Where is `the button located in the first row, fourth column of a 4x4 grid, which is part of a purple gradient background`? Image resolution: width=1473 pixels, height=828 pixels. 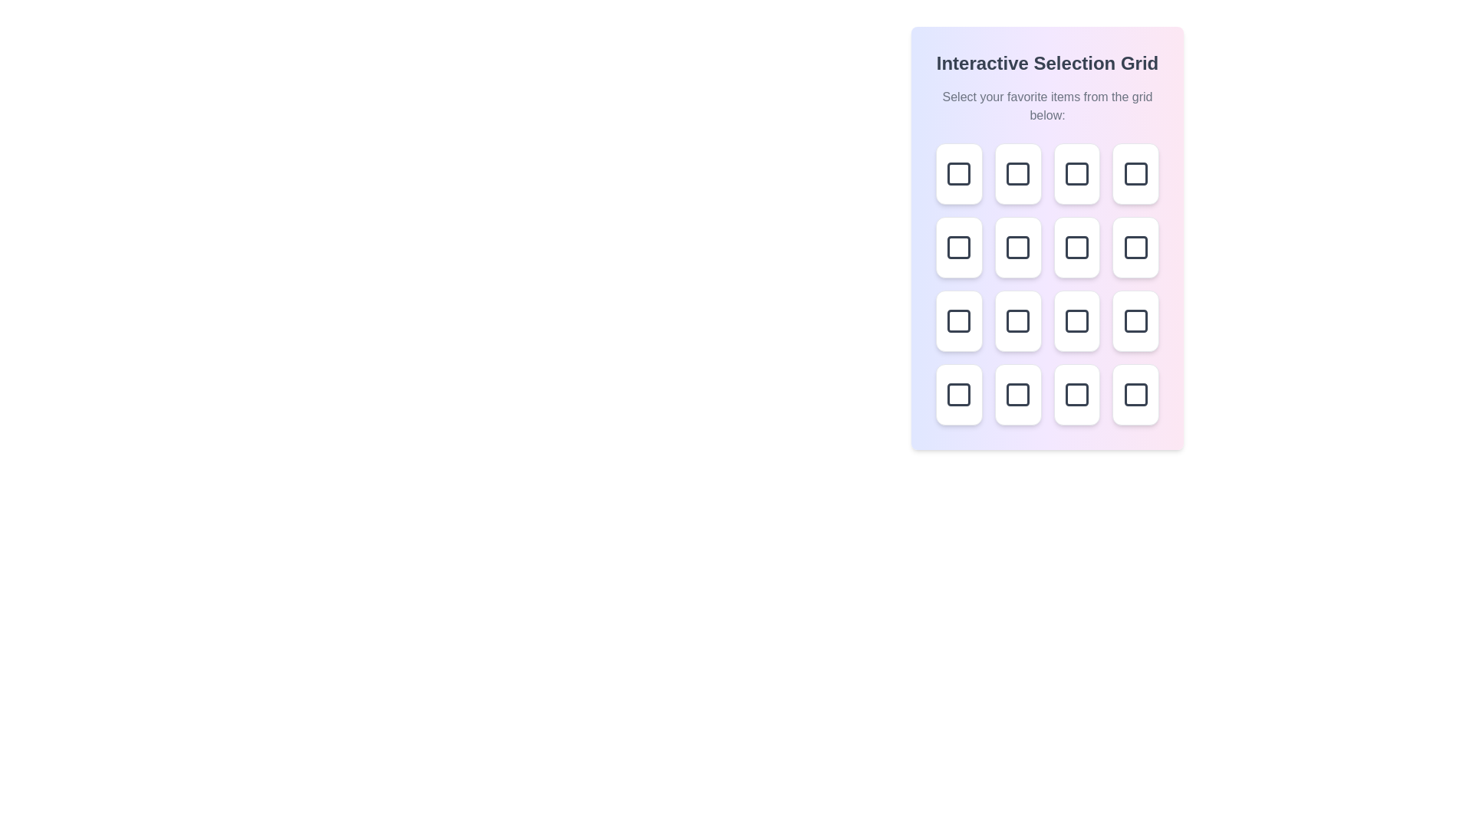 the button located in the first row, fourth column of a 4x4 grid, which is part of a purple gradient background is located at coordinates (1135, 173).